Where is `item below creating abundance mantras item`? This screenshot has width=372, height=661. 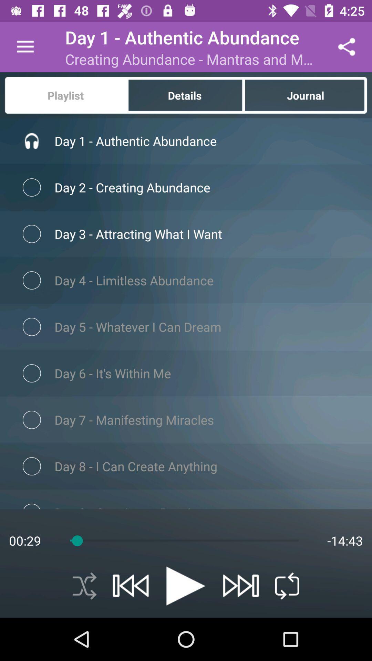
item below creating abundance mantras item is located at coordinates (185, 95).